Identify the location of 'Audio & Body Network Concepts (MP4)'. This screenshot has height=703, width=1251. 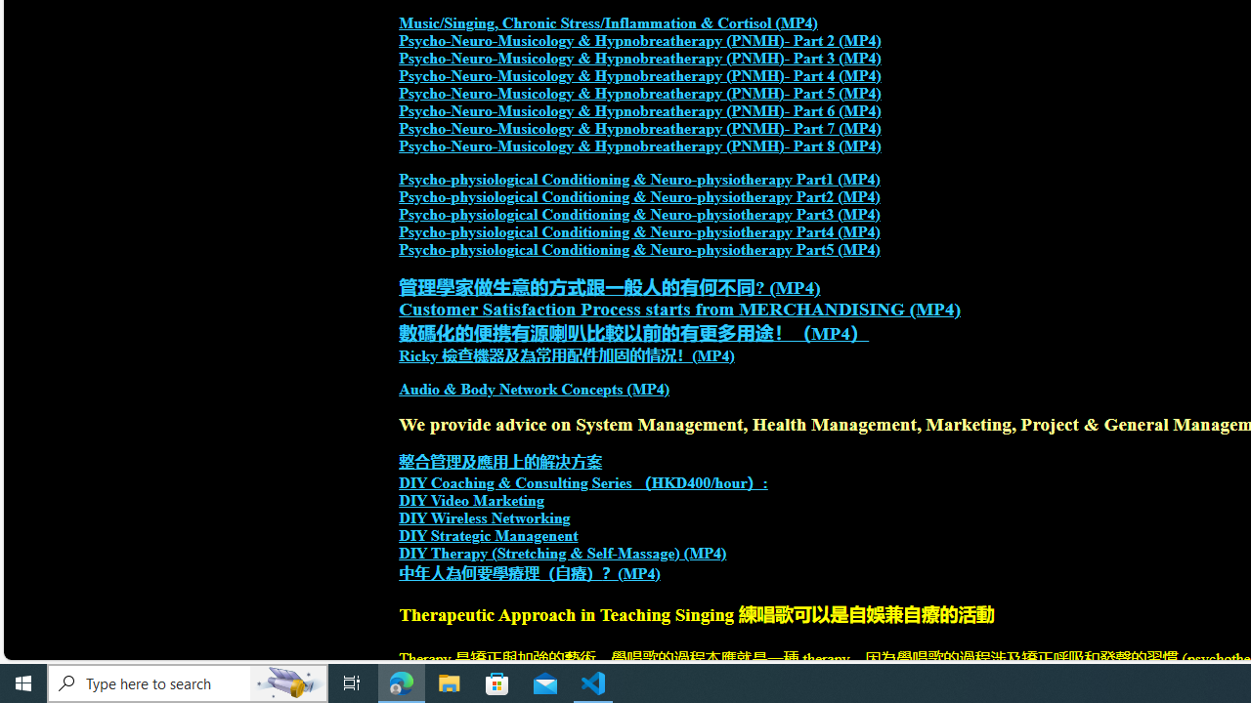
(535, 390).